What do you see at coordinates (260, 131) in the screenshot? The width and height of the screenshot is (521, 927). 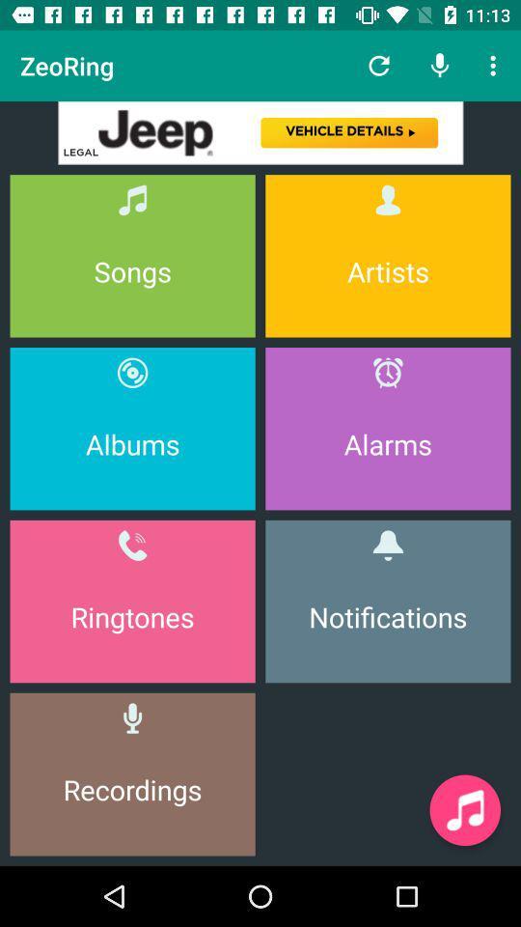 I see `vehicle details` at bounding box center [260, 131].